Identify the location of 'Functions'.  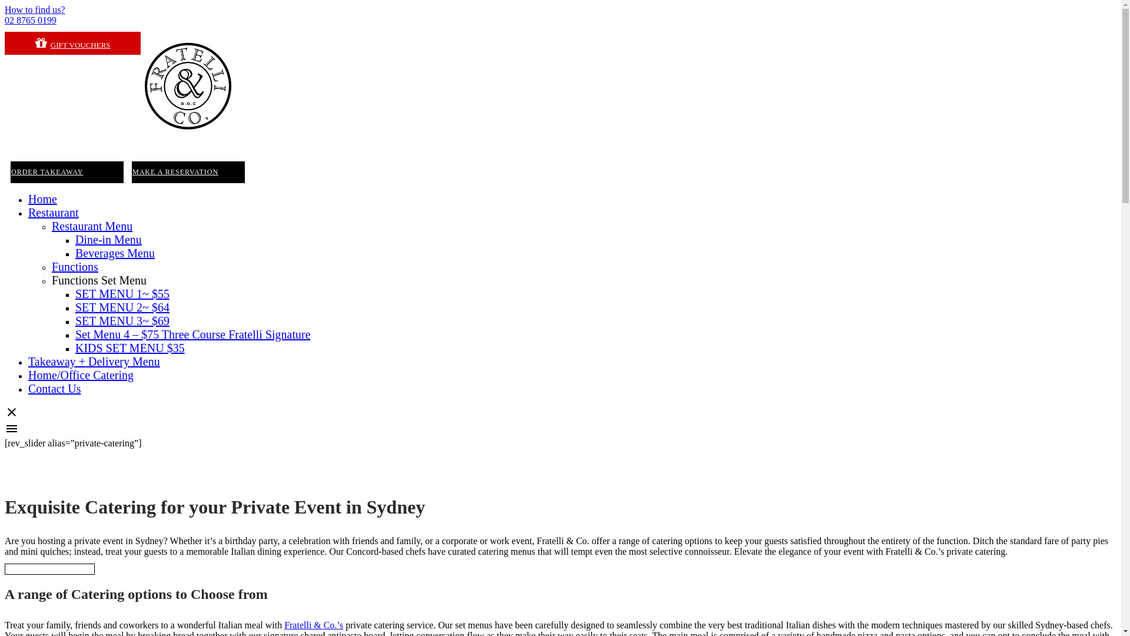
(74, 266).